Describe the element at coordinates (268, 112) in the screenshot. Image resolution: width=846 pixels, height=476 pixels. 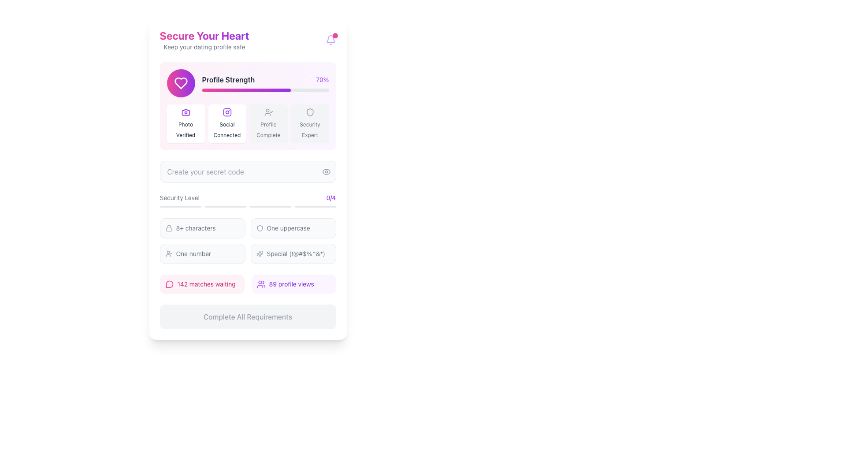
I see `the 'Profile Complete' status icon located in the 'Profile Strength' section, which is the third icon from the left, positioned between the 'Social Connected' and 'Security Expert' icons` at that location.